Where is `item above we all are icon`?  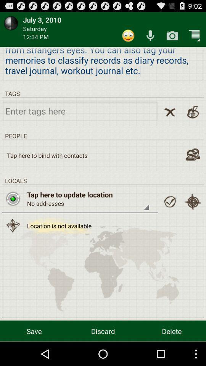 item above we all are icon is located at coordinates (172, 35).